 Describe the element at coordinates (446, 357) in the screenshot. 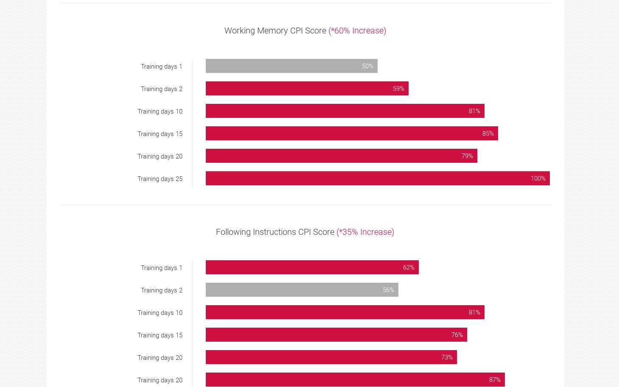

I see `'73%'` at that location.